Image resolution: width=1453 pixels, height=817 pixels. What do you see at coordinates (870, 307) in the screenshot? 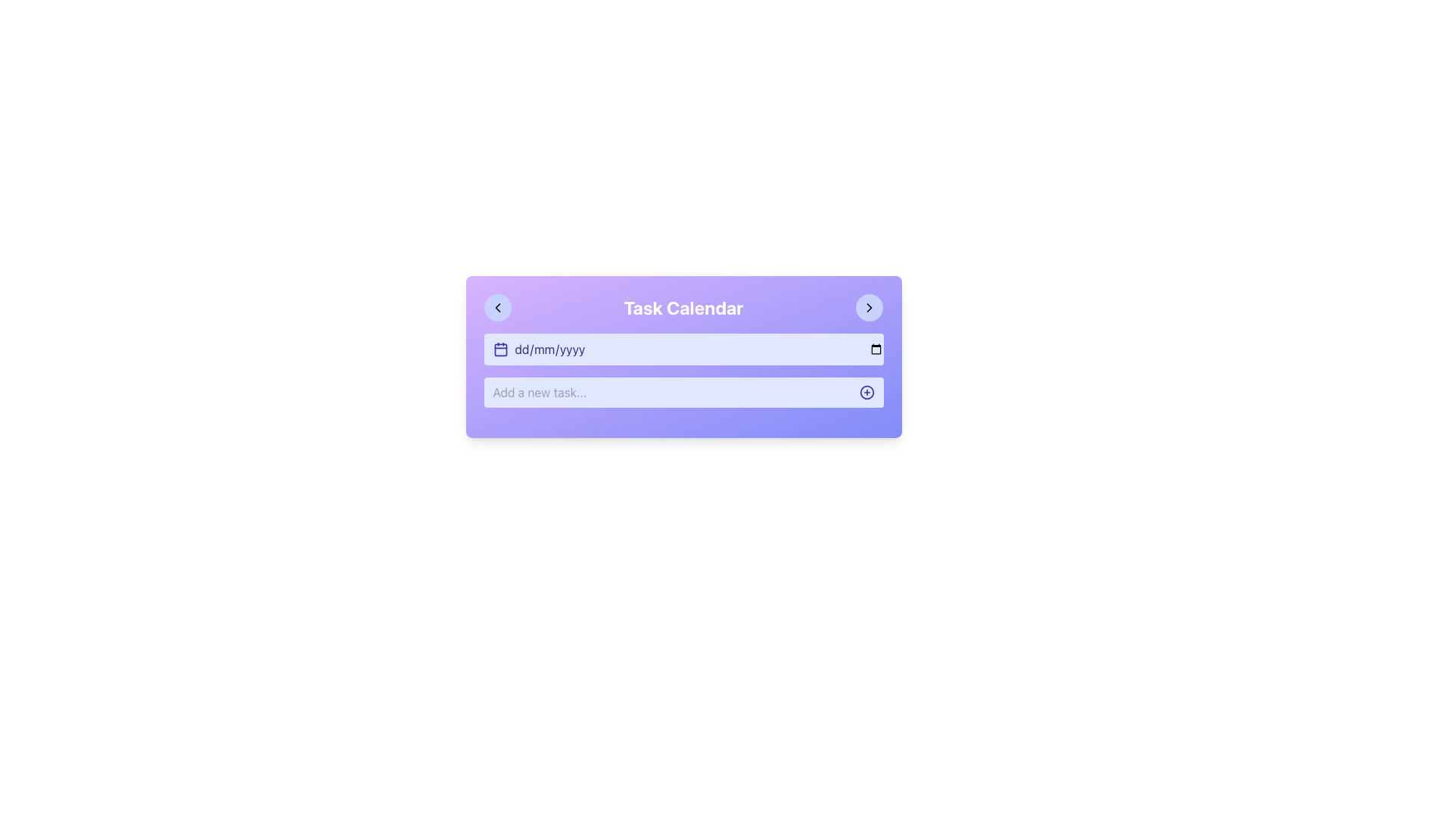
I see `the rightward single-chevron arrow icon, which is centered within a circular button with a soft indigo background, located at the top-right corner of the task calendar interface` at bounding box center [870, 307].